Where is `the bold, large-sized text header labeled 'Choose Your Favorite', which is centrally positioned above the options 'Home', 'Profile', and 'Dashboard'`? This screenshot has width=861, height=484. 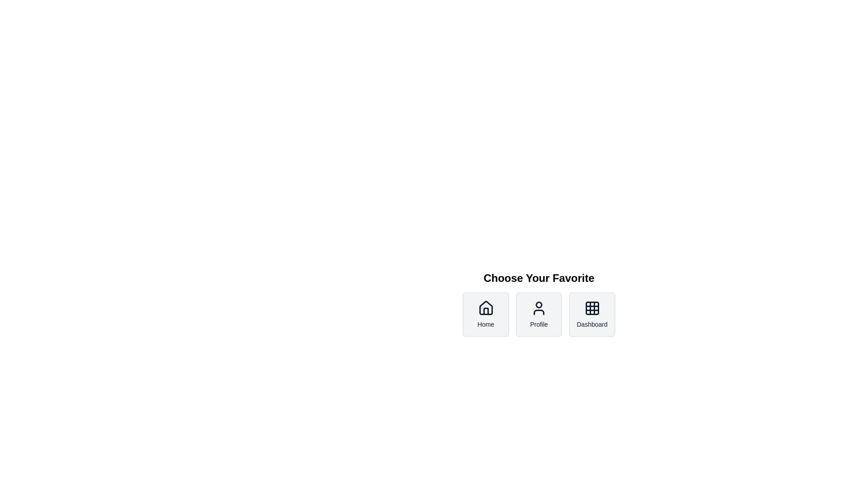 the bold, large-sized text header labeled 'Choose Your Favorite', which is centrally positioned above the options 'Home', 'Profile', and 'Dashboard' is located at coordinates (538, 278).